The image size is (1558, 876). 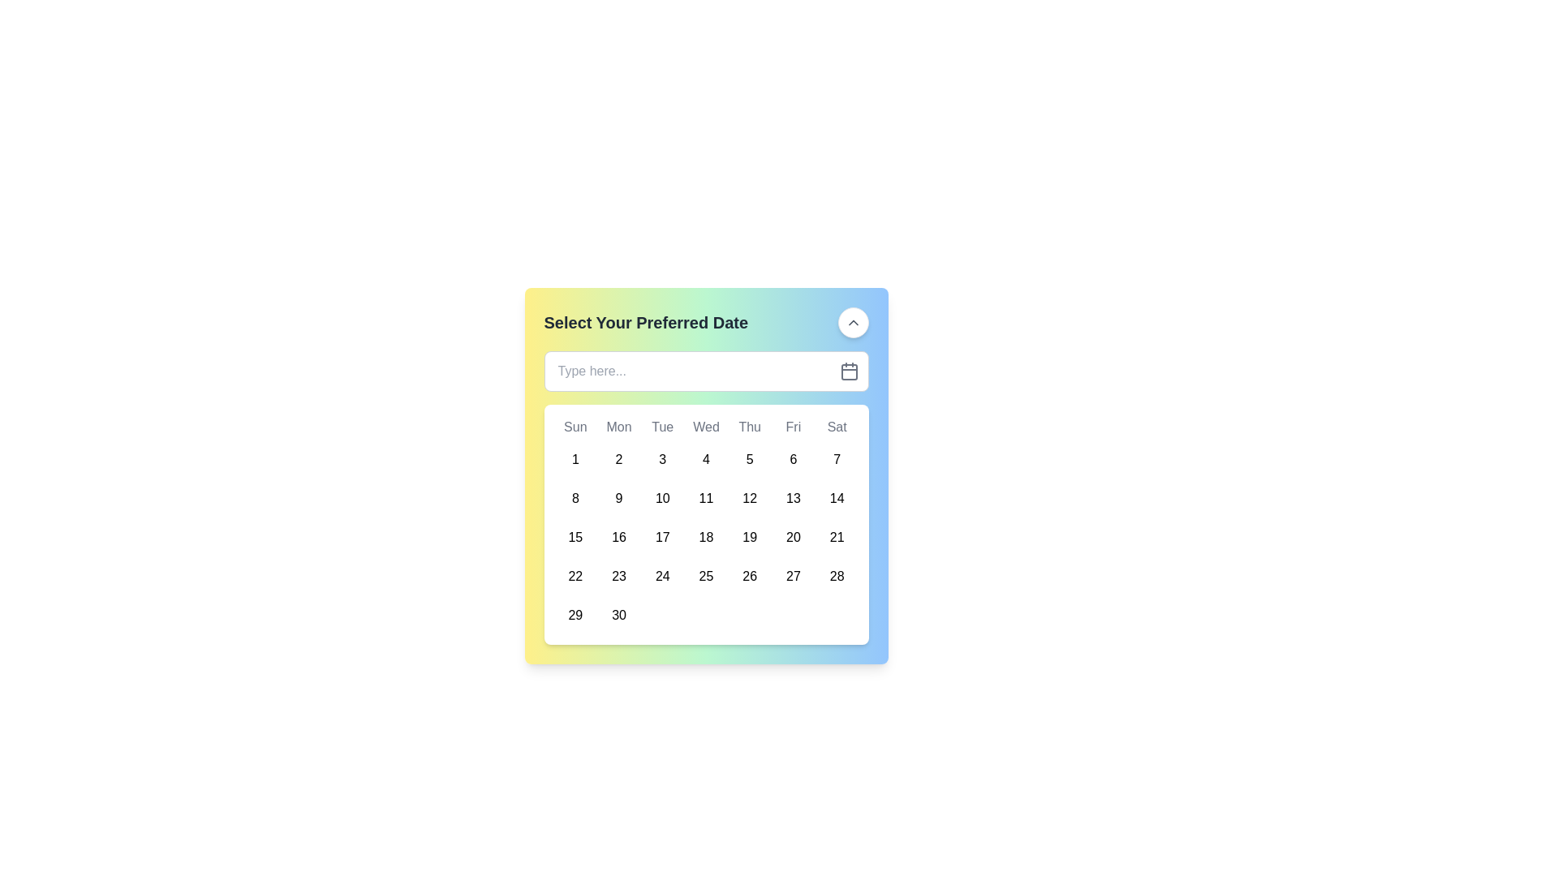 What do you see at coordinates (575, 616) in the screenshot?
I see `the selectable date button located in the last row of the calendar under the 'Sun' column` at bounding box center [575, 616].